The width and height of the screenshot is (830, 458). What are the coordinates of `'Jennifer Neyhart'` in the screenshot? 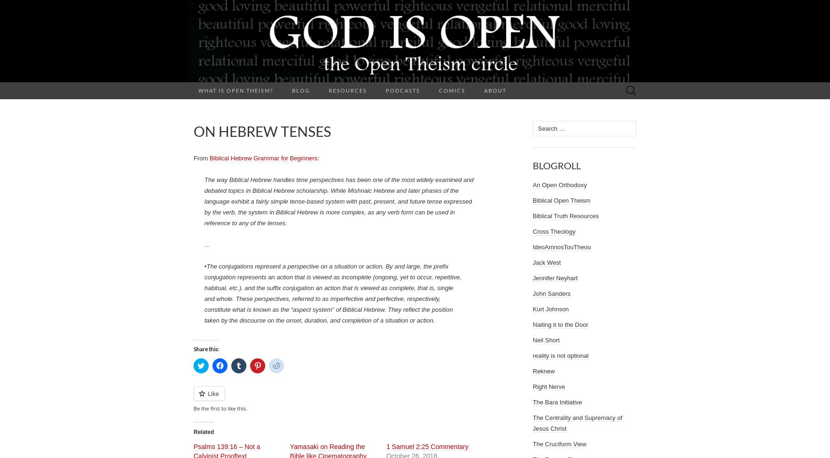 It's located at (555, 277).